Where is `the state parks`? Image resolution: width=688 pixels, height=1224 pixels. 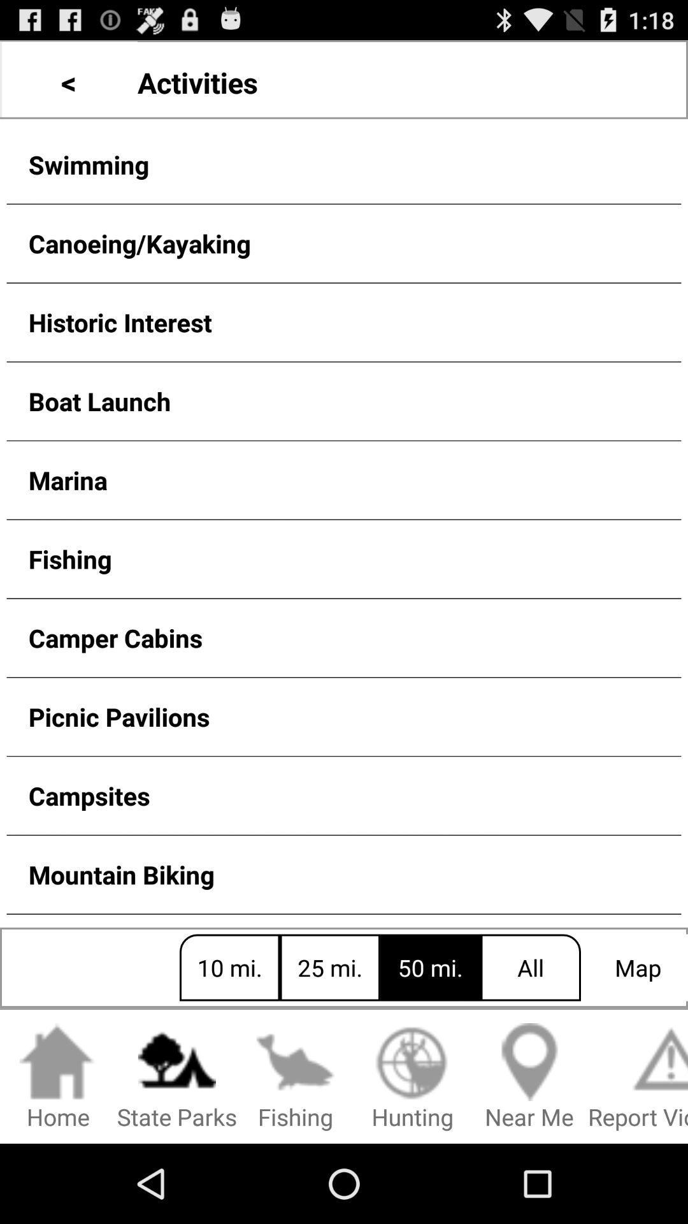
the state parks is located at coordinates (176, 1077).